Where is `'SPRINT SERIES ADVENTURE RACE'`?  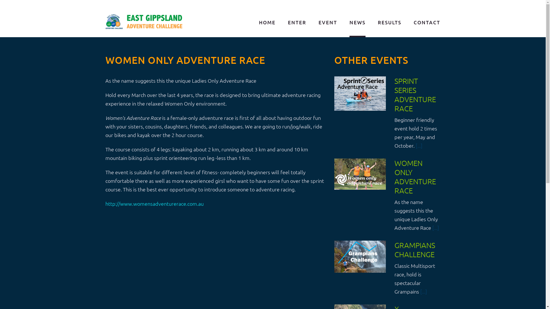
'SPRINT SERIES ADVENTURE RACE' is located at coordinates (415, 94).